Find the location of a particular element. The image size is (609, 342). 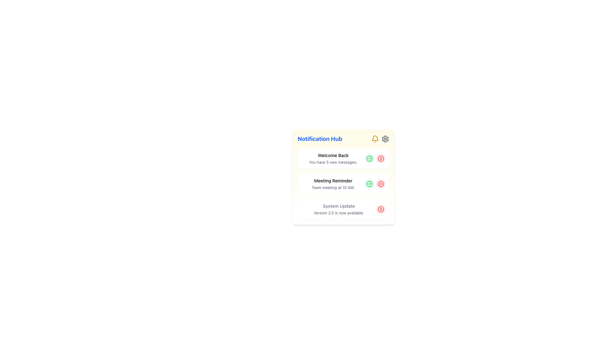

the settings icon located at the top-right corner of the 'Notification Hub' popup is located at coordinates (385, 139).